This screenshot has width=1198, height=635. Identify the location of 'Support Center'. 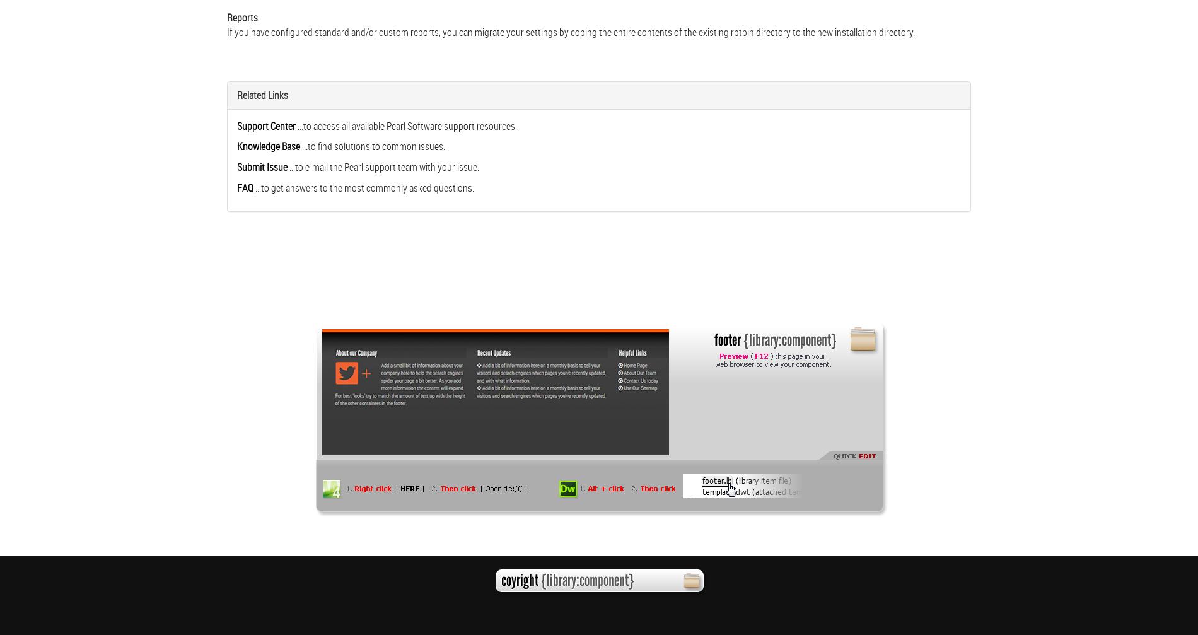
(236, 125).